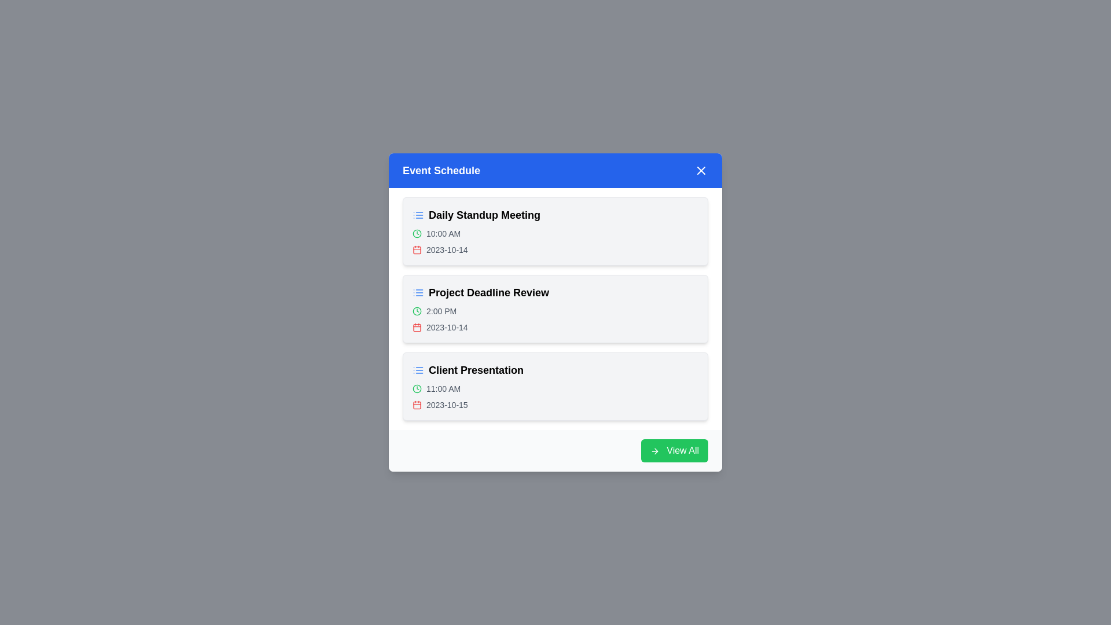  Describe the element at coordinates (468, 209) in the screenshot. I see `information displayed in the first event card of the 'Event Schedule' dialog box, which includes the event's title, time, and date` at that location.